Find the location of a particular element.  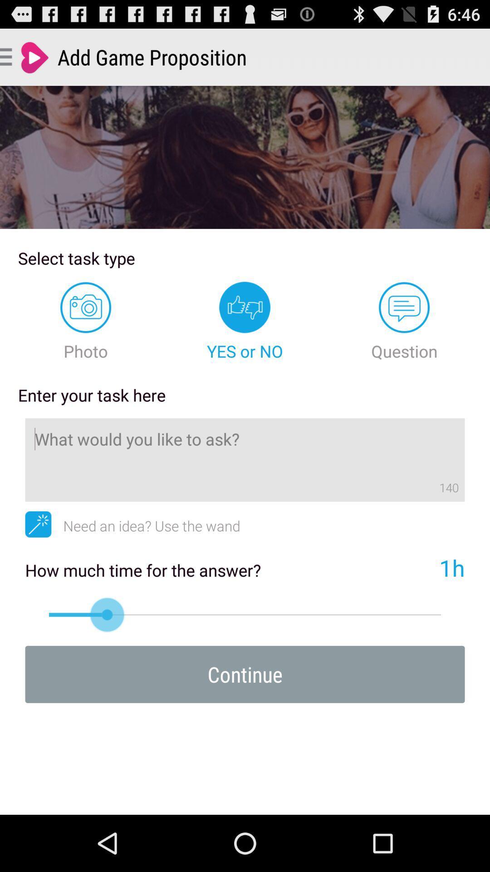

continue is located at coordinates (245, 674).